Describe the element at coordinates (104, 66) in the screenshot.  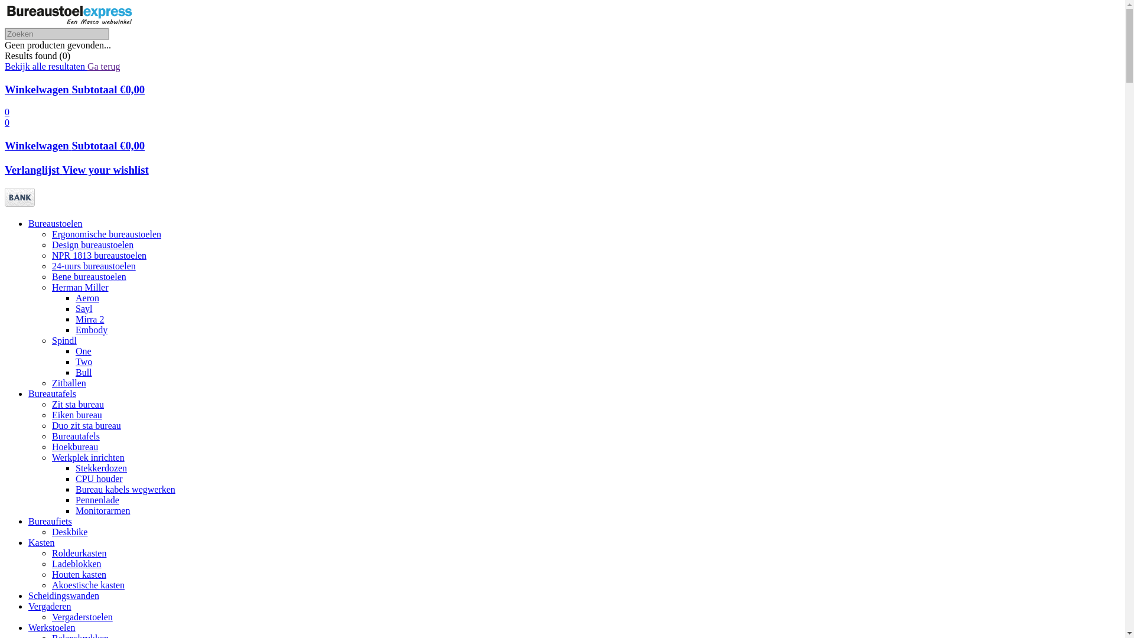
I see `'Ga terug'` at that location.